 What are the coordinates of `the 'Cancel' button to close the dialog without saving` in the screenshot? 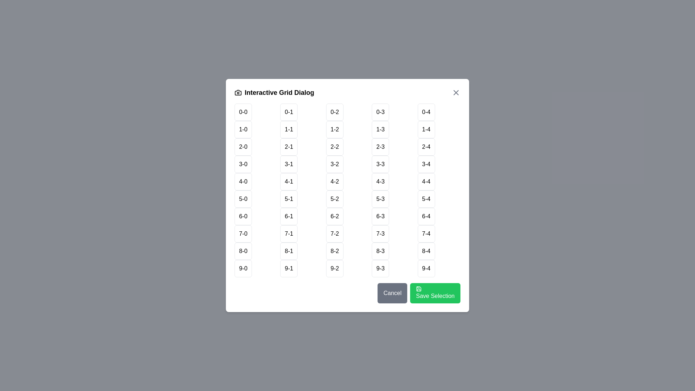 It's located at (392, 293).